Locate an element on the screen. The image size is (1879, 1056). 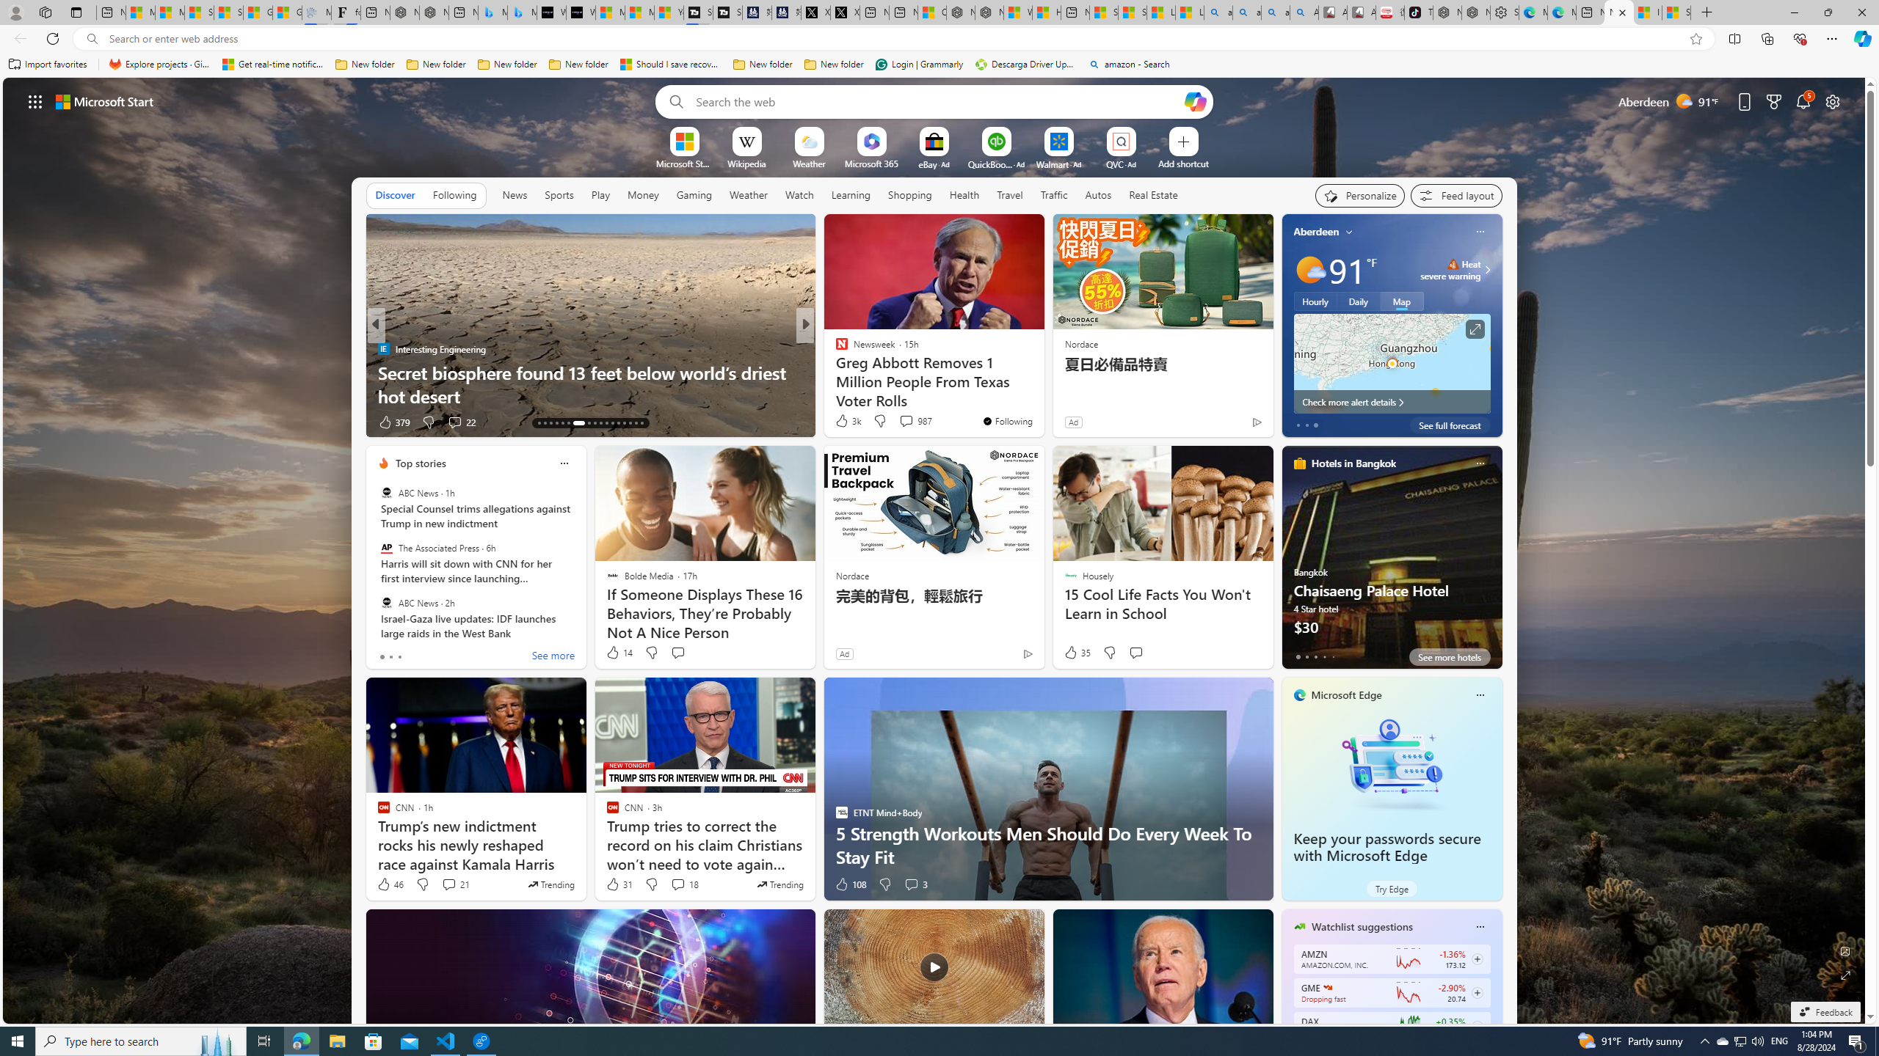
'View comments 3 Comment' is located at coordinates (915, 884).